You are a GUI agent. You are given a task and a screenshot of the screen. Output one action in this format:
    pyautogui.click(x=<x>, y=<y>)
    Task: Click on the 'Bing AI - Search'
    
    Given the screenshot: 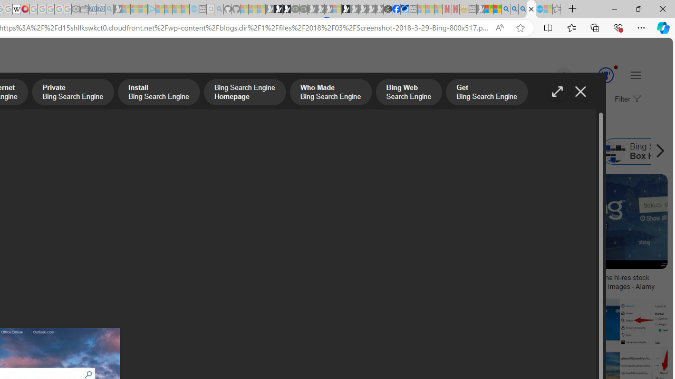 What is the action you would take?
    pyautogui.click(x=505, y=9)
    